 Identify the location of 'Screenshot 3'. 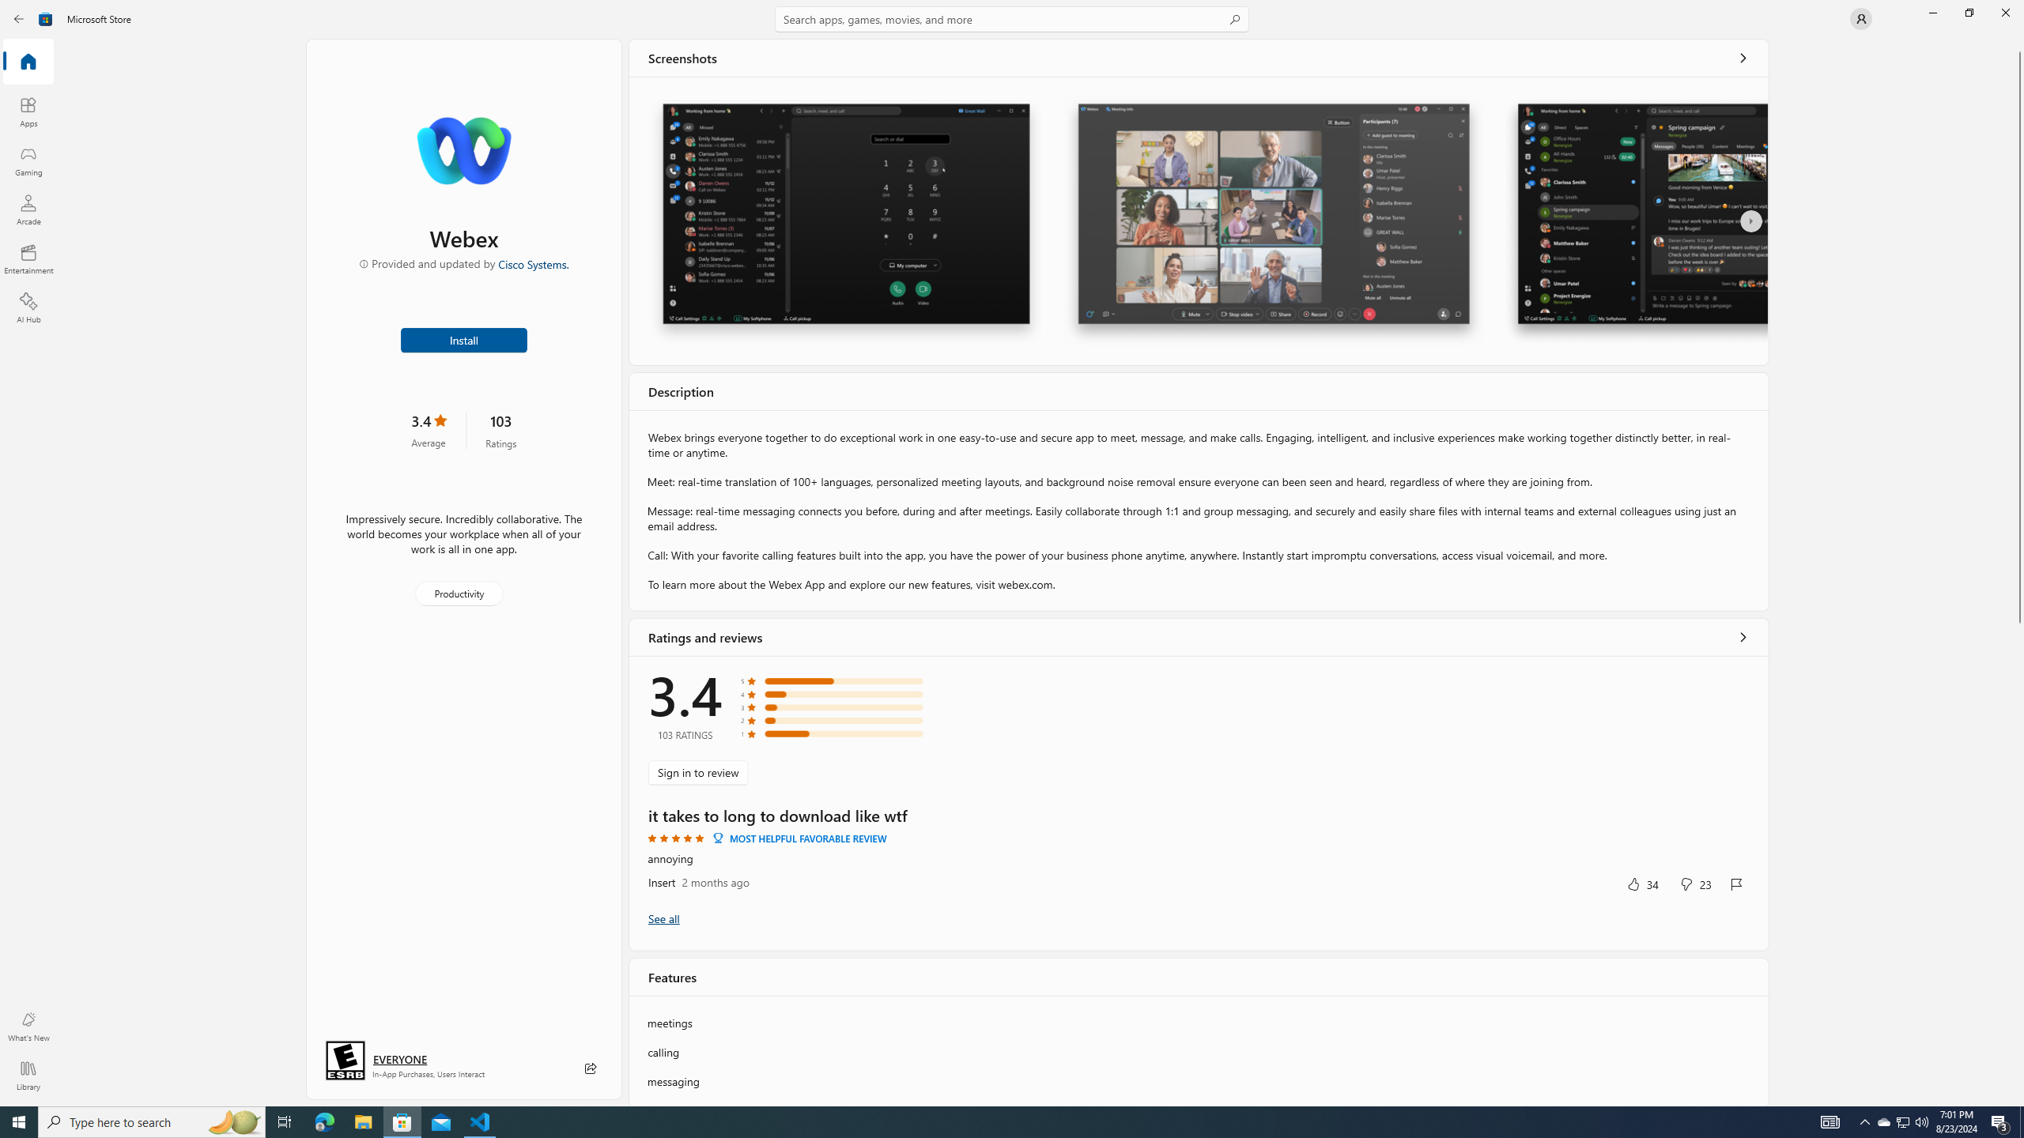
(1634, 220).